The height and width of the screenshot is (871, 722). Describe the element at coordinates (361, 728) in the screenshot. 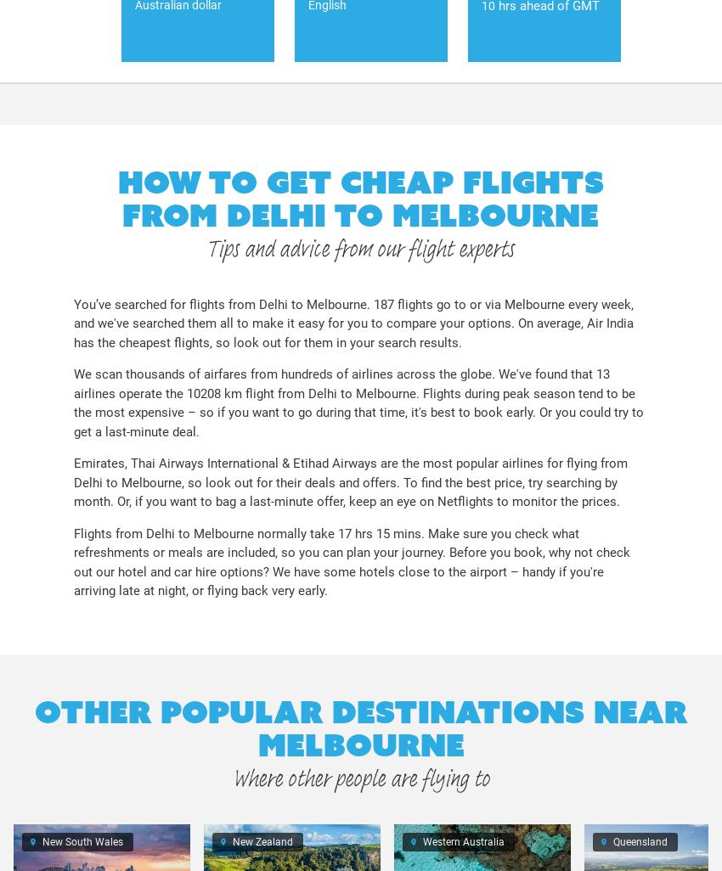

I see `'Other popular destinations near Melbourne'` at that location.